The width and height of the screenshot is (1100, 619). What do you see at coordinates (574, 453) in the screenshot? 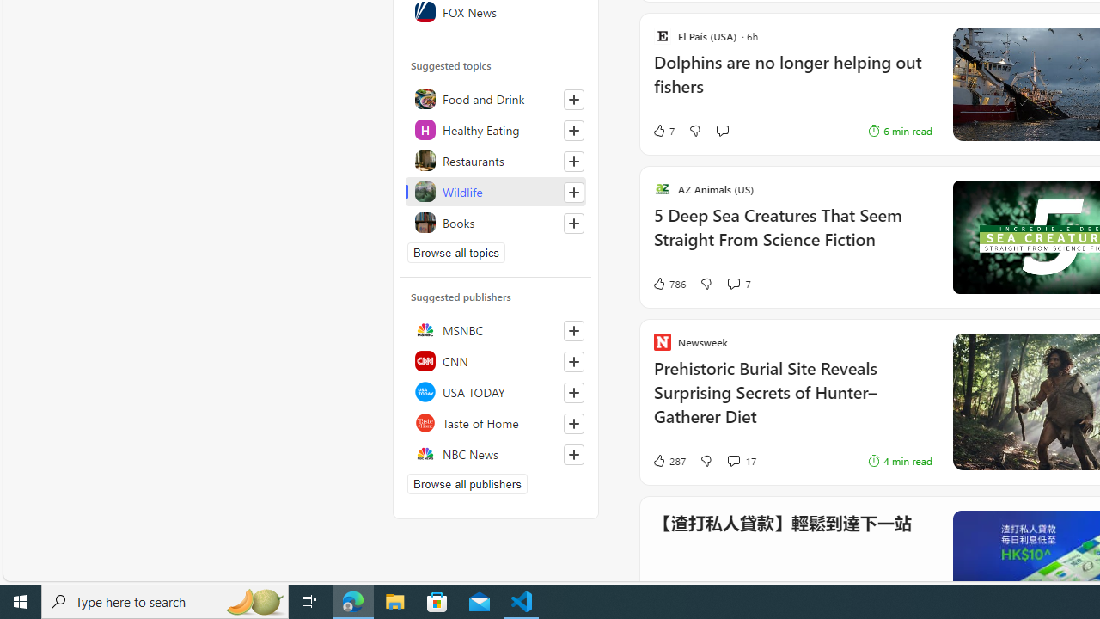
I see `'Follow this source'` at bounding box center [574, 453].